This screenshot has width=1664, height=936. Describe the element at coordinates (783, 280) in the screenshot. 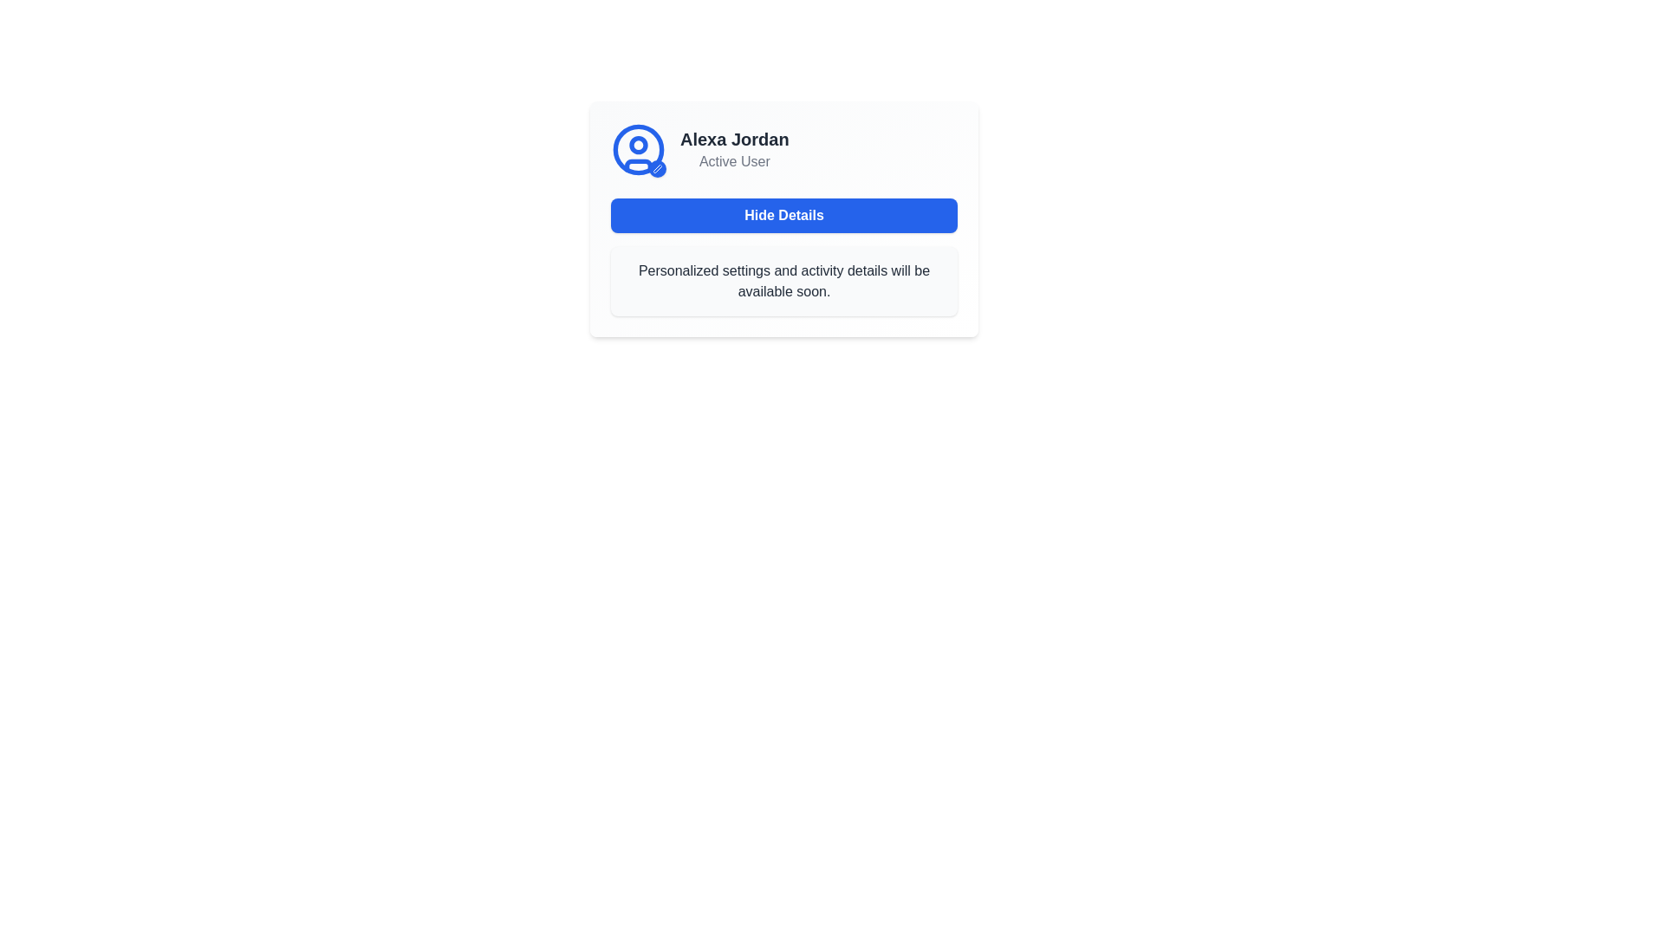

I see `the informational text block located below the blue button labeled 'Hide Details' in the user profile card section` at that location.